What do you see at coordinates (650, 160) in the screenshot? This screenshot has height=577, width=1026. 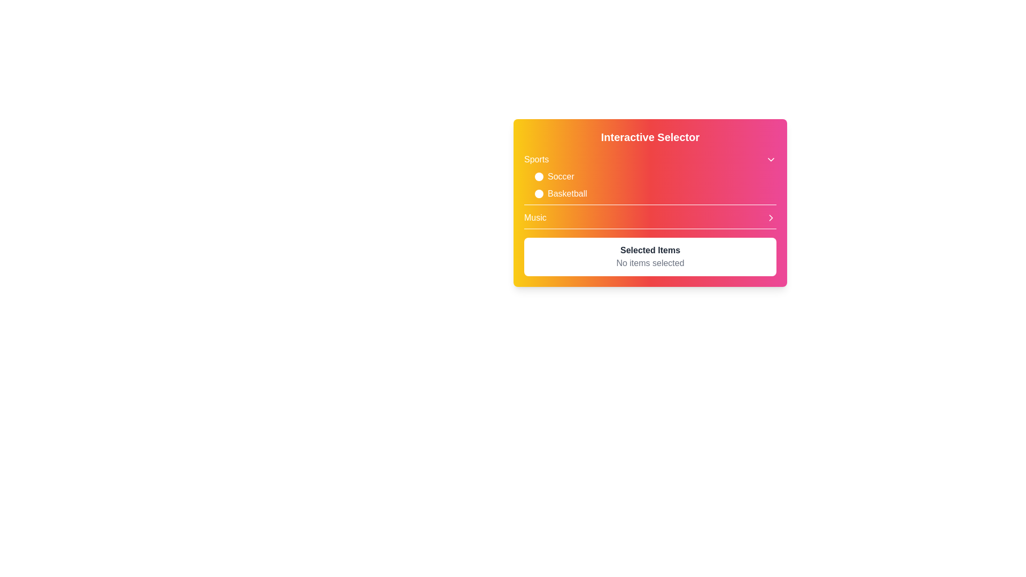 I see `the 'Sports' dropdown trigger element` at bounding box center [650, 160].